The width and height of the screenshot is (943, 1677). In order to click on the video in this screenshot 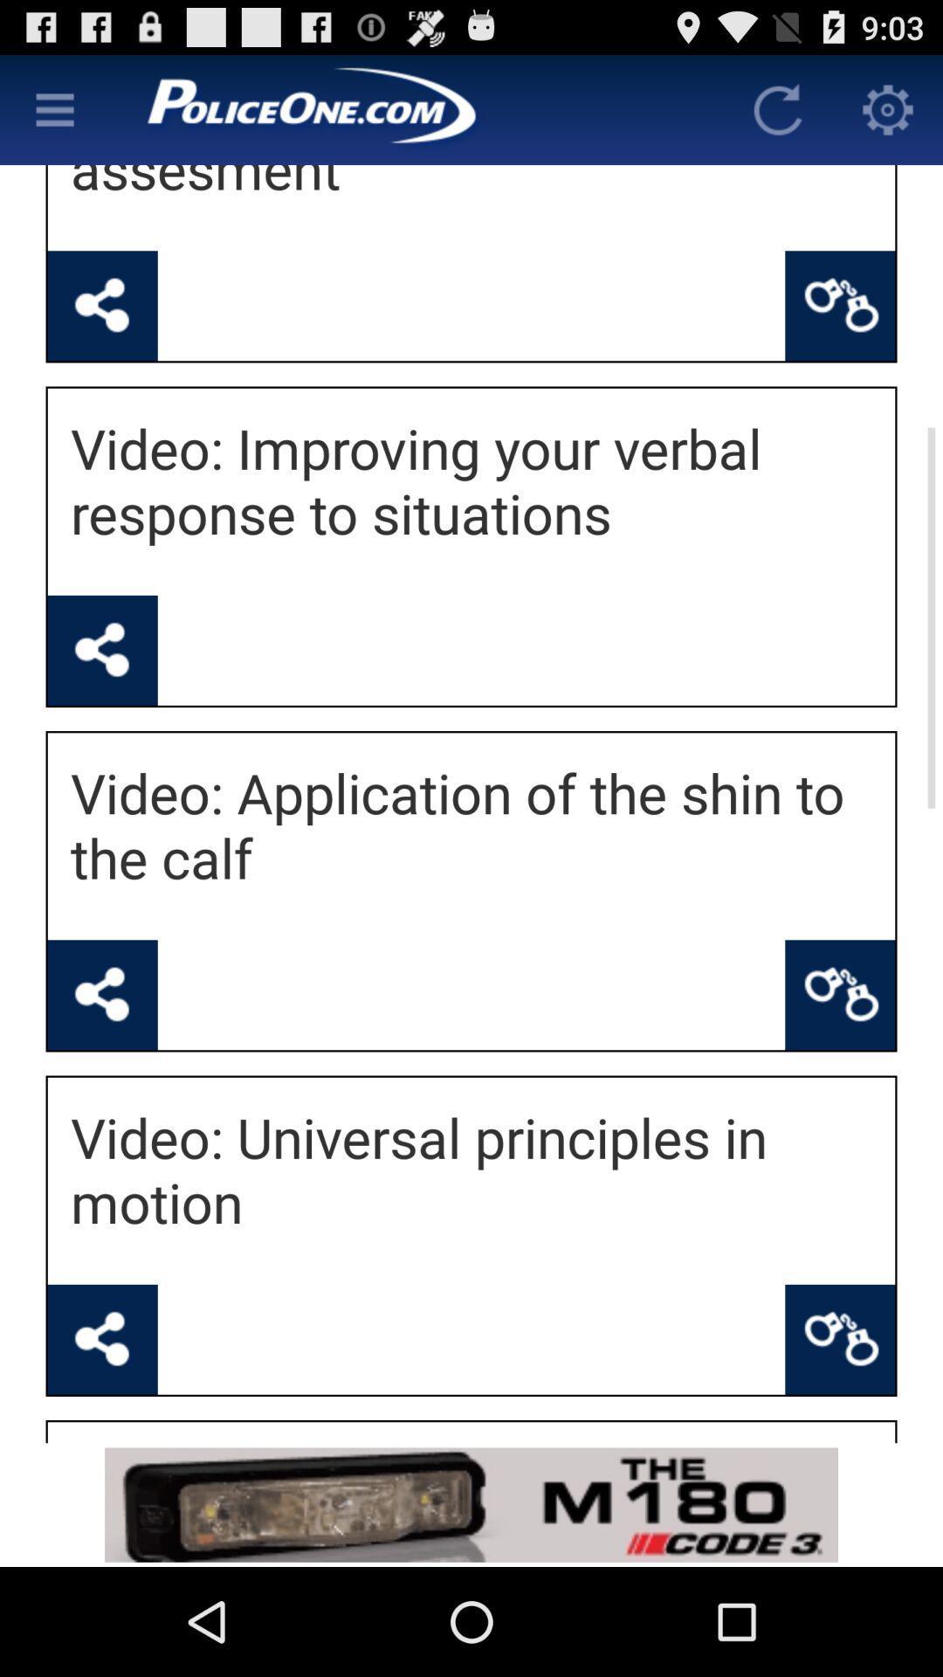, I will do `click(102, 995)`.